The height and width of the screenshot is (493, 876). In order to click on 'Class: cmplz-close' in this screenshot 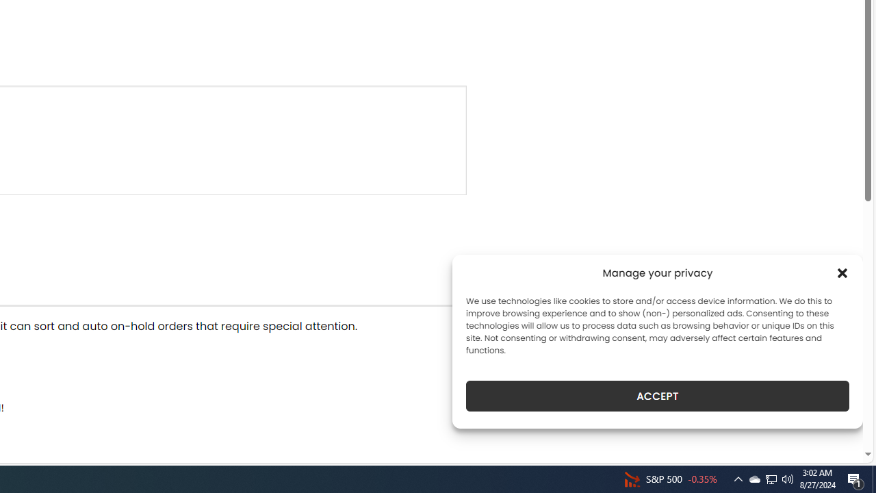, I will do `click(842, 273)`.